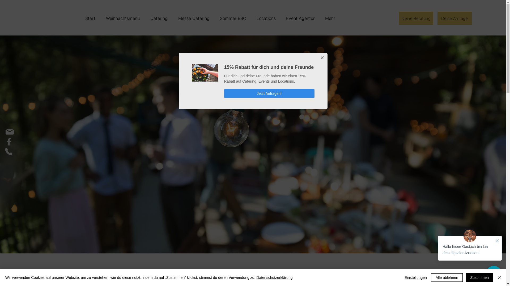 This screenshot has width=510, height=286. I want to click on 'Start', so click(90, 18).